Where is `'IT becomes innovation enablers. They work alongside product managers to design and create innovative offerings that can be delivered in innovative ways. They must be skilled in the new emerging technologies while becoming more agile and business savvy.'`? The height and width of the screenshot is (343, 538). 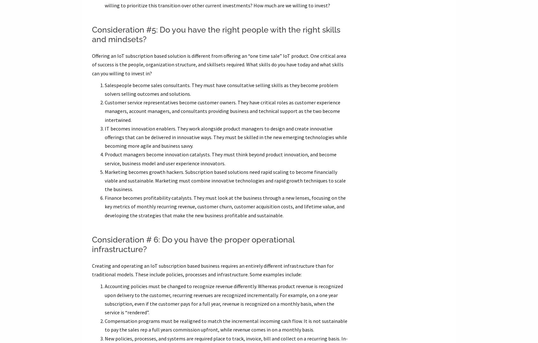
'IT becomes innovation enablers. They work alongside product managers to design and create innovative offerings that can be delivered in innovative ways. They must be skilled in the new emerging technologies while becoming more agile and business savvy.' is located at coordinates (225, 137).